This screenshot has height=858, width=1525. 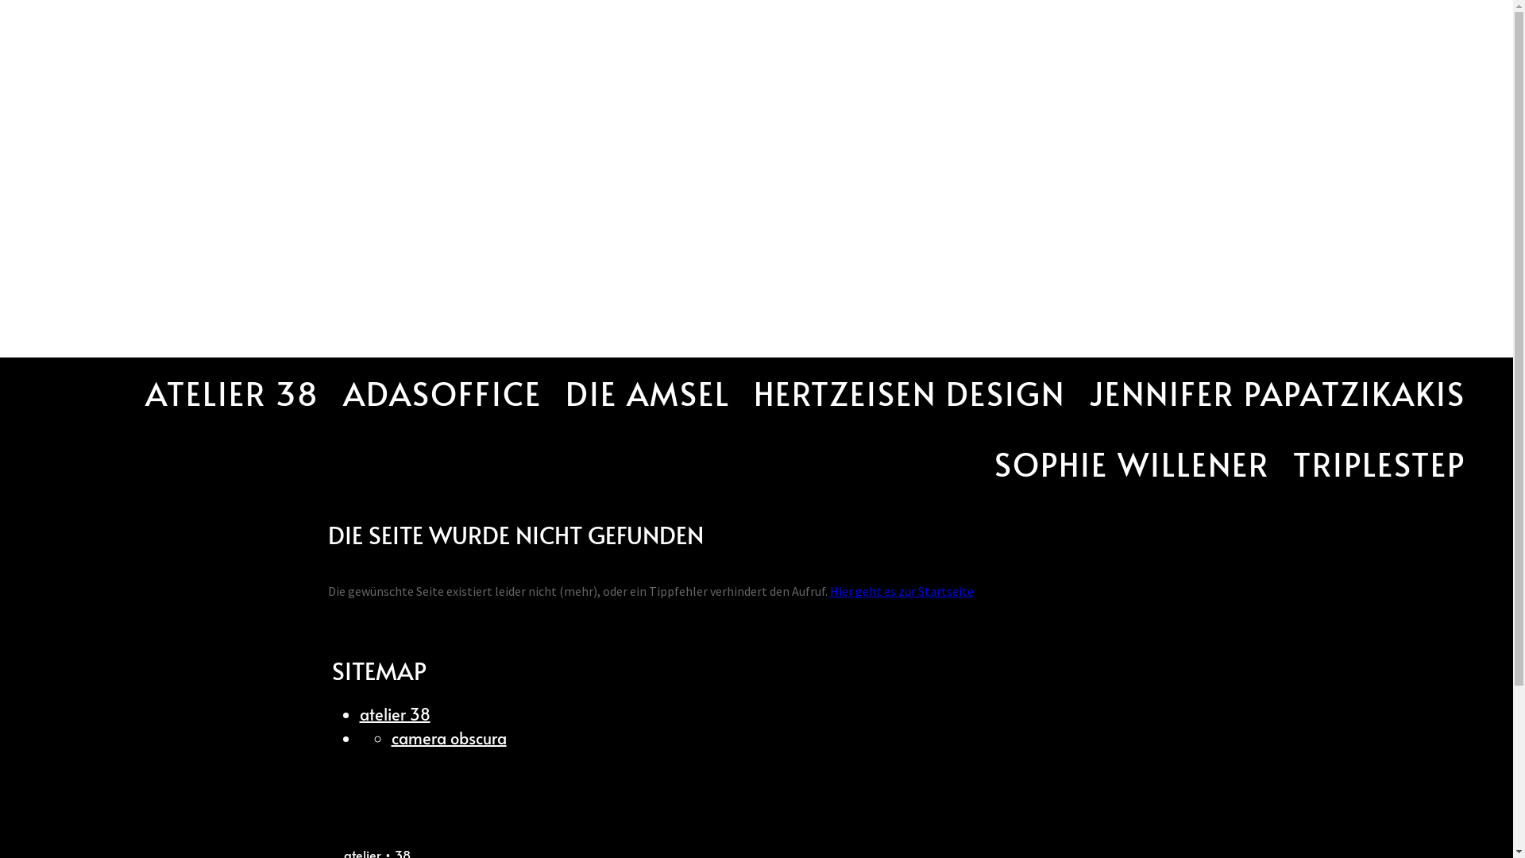 I want to click on 'TRIPLESTEP', so click(x=1378, y=463).